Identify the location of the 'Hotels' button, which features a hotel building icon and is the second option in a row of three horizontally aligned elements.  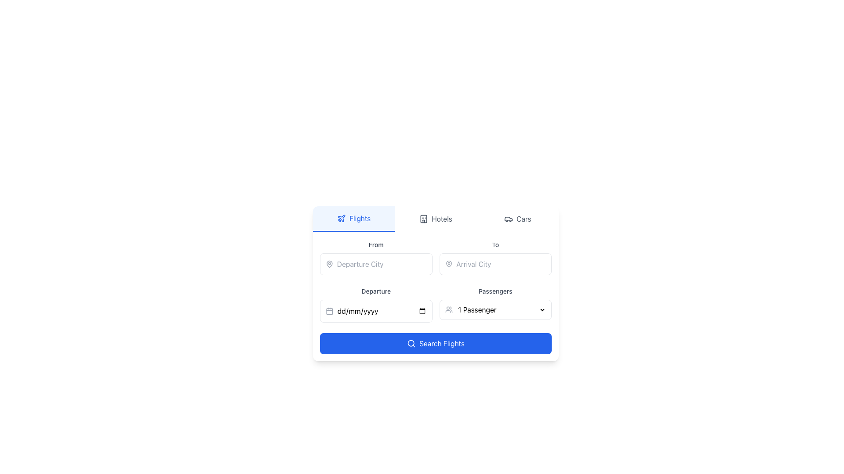
(436, 218).